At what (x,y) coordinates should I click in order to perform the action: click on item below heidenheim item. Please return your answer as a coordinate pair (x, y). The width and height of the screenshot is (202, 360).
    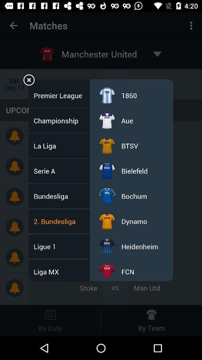
    Looking at the image, I should click on (127, 271).